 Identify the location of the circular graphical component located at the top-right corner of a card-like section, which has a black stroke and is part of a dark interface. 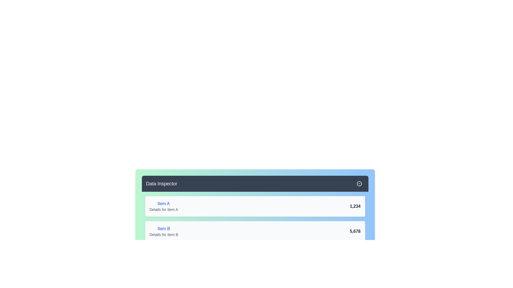
(359, 183).